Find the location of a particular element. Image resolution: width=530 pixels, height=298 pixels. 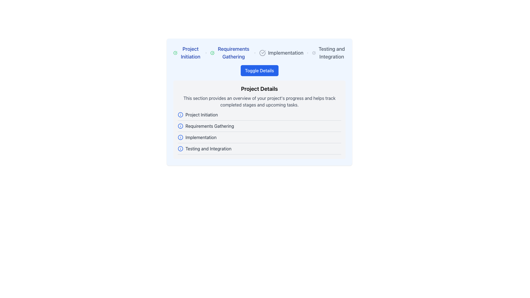

the 'Implementation' text with icon, which is the third item in a horizontal list, positioned between 'Requirements Gathering' and 'Testing and Integration' is located at coordinates (281, 53).